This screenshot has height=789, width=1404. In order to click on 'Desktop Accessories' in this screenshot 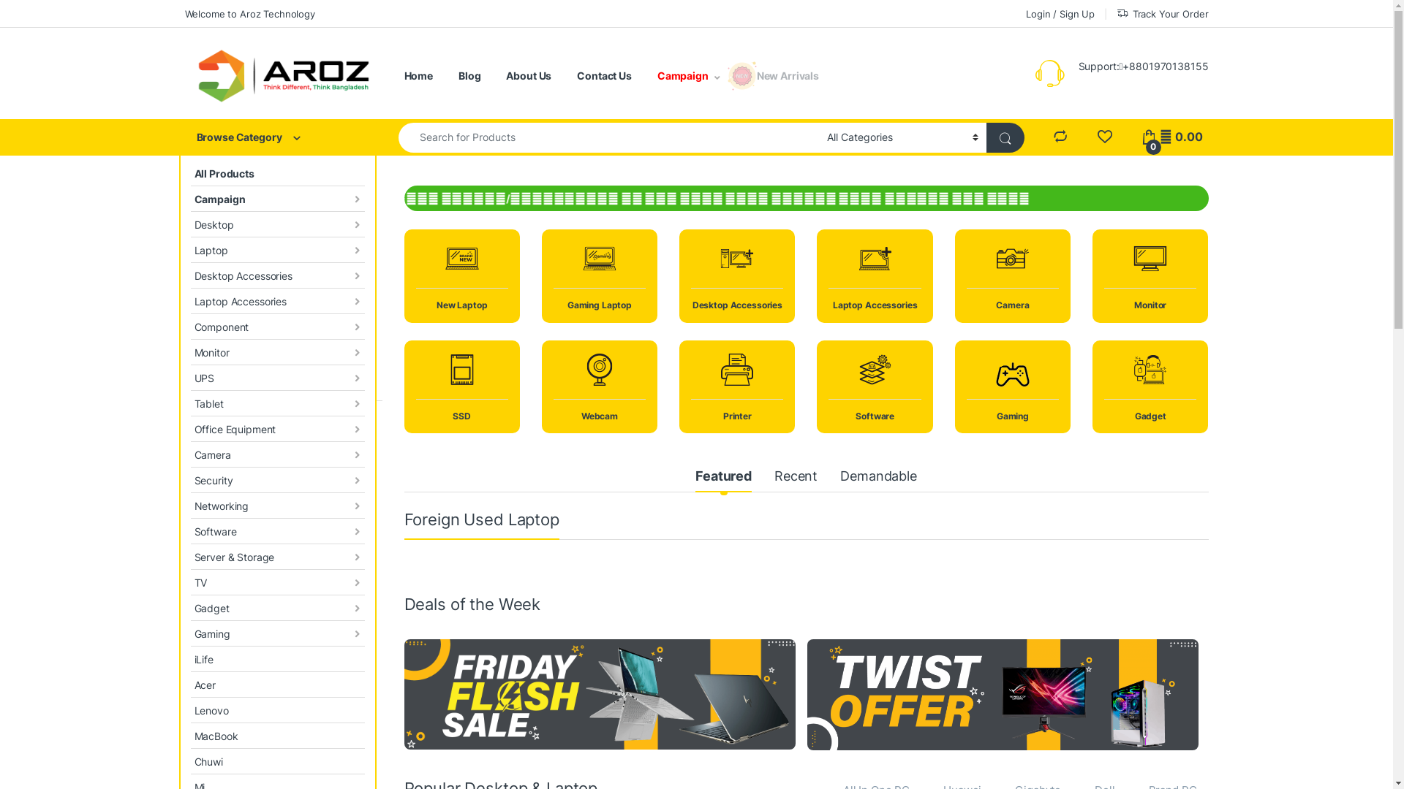, I will do `click(277, 275)`.